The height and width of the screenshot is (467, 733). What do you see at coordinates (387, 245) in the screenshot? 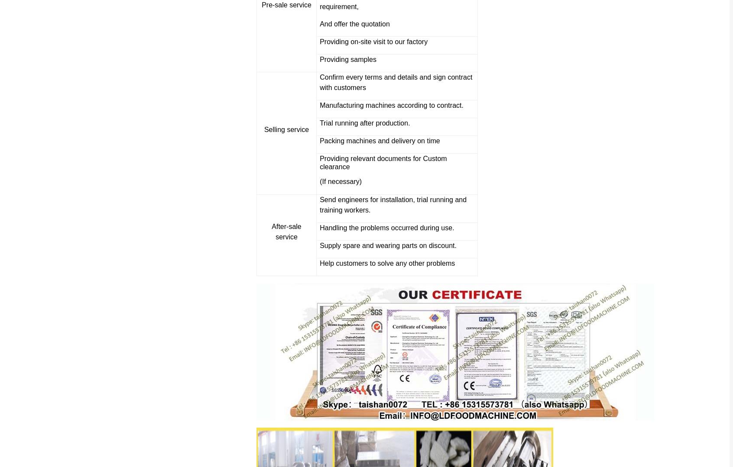
I see `'Supply spare and wearing parts on discount.'` at bounding box center [387, 245].